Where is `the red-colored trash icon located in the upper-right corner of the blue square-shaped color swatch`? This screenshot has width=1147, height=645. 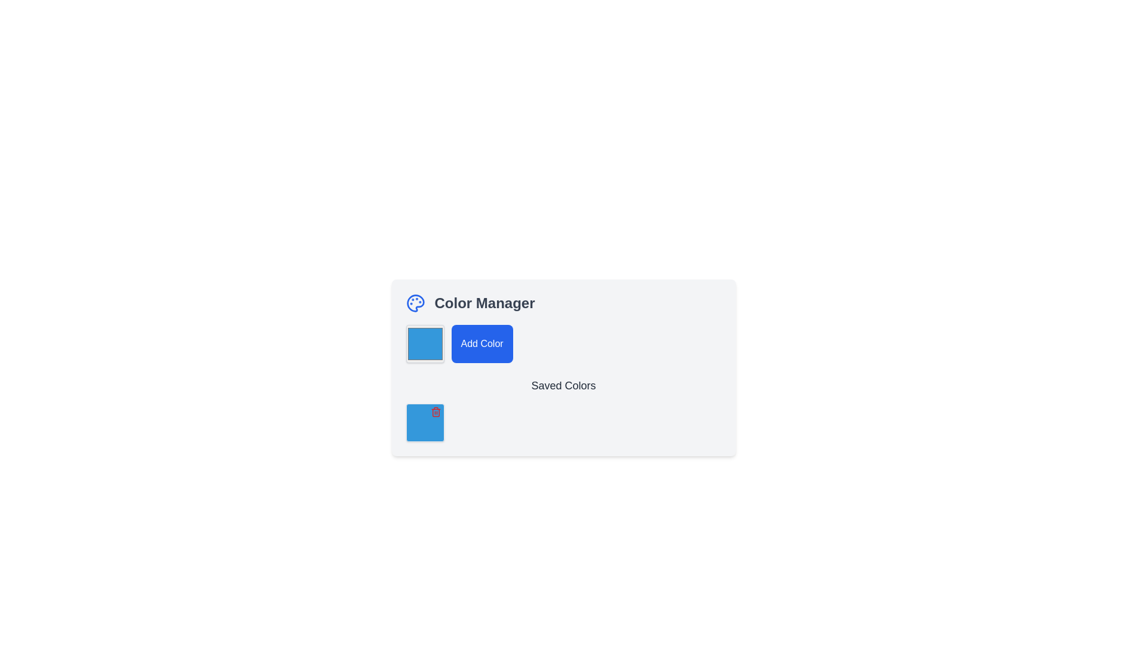
the red-colored trash icon located in the upper-right corner of the blue square-shaped color swatch is located at coordinates (425, 422).